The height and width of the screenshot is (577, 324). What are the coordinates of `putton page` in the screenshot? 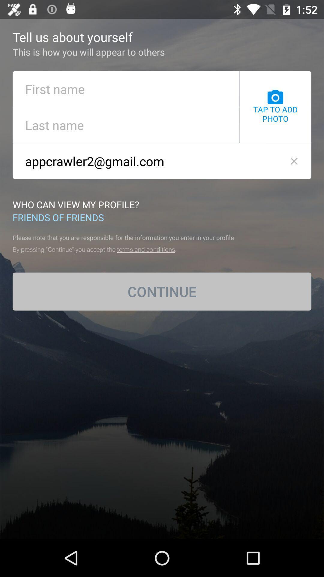 It's located at (126, 125).